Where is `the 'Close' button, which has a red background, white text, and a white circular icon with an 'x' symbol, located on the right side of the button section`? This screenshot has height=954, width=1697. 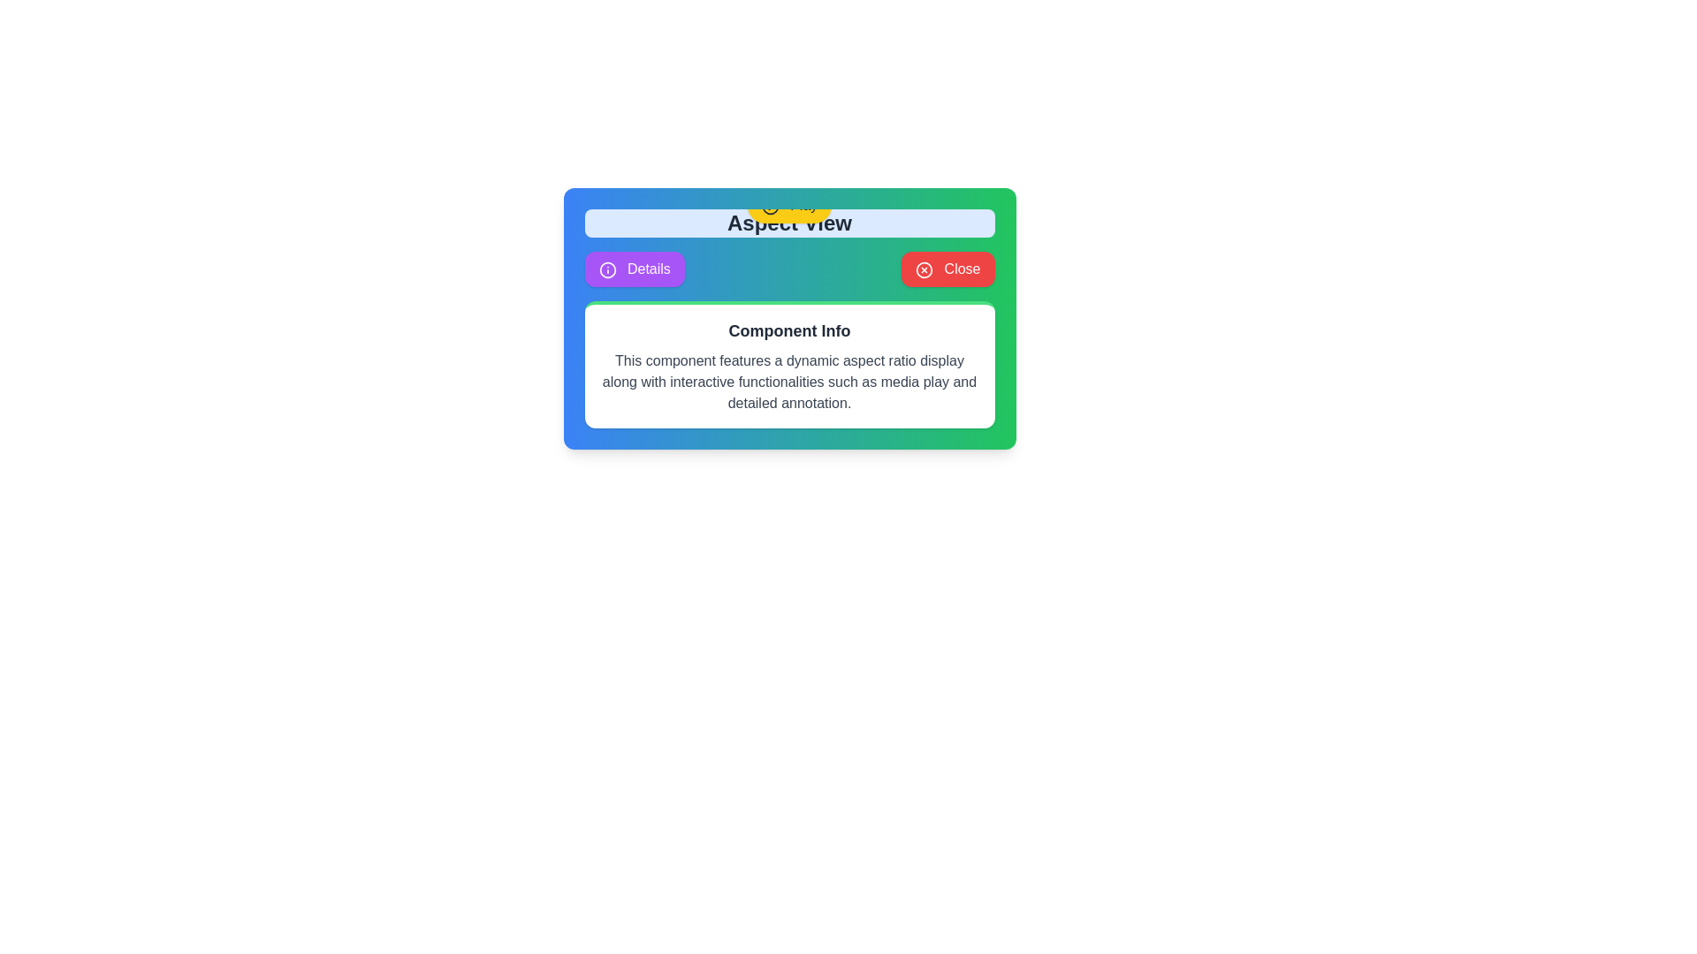
the 'Close' button, which has a red background, white text, and a white circular icon with an 'x' symbol, located on the right side of the button section is located at coordinates (947, 269).